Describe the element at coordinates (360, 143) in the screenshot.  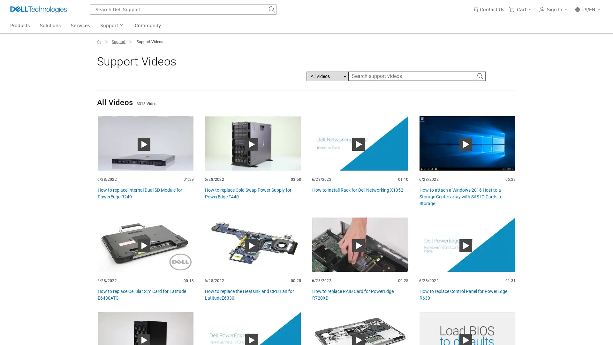
I see `How to Install Rack for Dell Networking X1052 Play` at that location.